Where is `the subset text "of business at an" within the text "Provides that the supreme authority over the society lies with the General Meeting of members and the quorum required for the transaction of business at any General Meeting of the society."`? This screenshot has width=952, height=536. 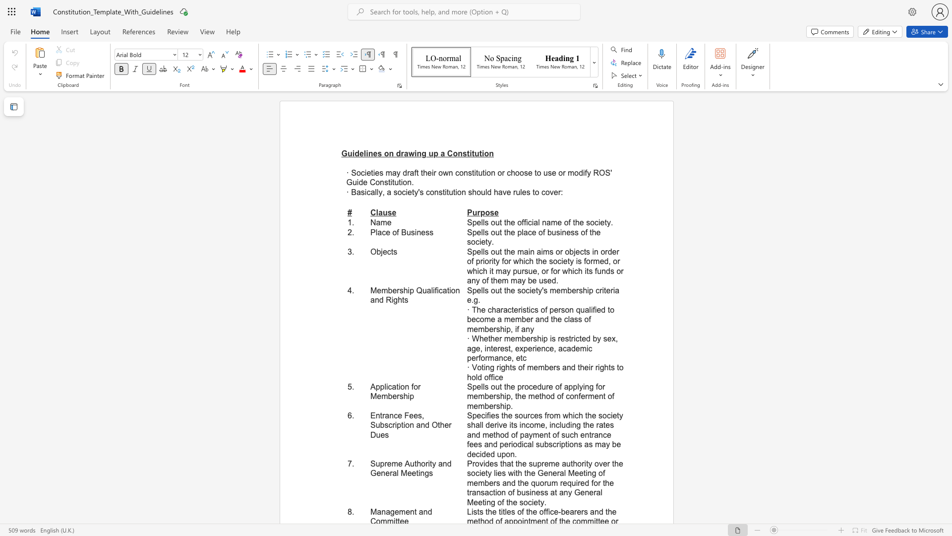
the subset text "of business at an" within the text "Provides that the supreme authority over the society lies with the General Meeting of members and the quorum required for the transaction of business at any General Meeting of the society." is located at coordinates (508, 492).